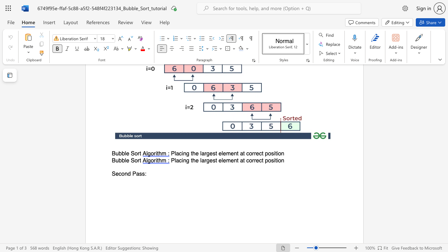  Describe the element at coordinates (125, 160) in the screenshot. I see `the subset text "le S" within the text "Bubble Sort"` at that location.